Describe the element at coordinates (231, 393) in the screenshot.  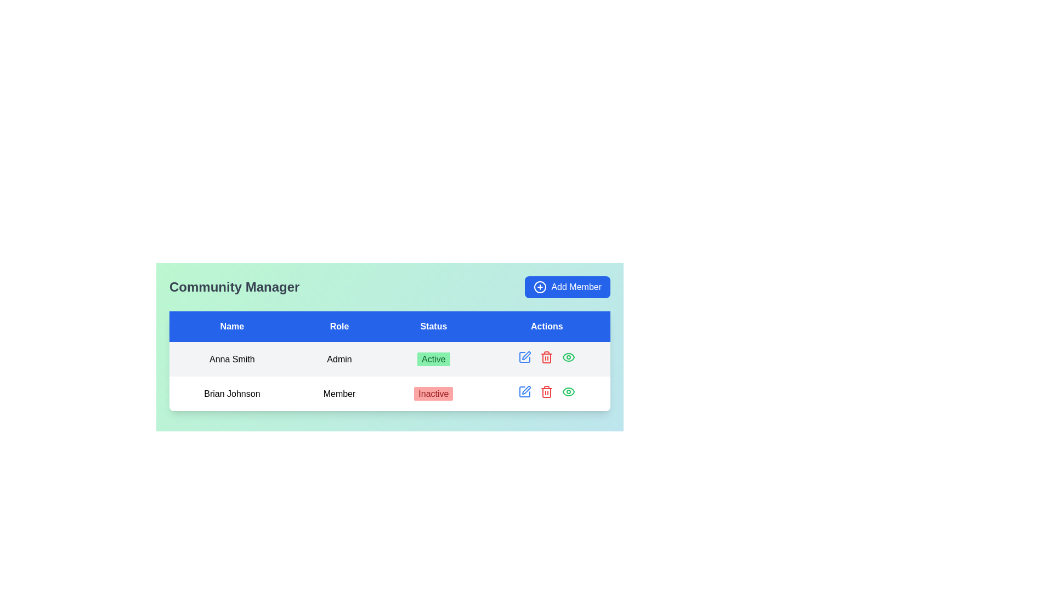
I see `the text label element displaying 'Brian Johnson' located in the first column of the second row under the 'Community Manager' section` at that location.